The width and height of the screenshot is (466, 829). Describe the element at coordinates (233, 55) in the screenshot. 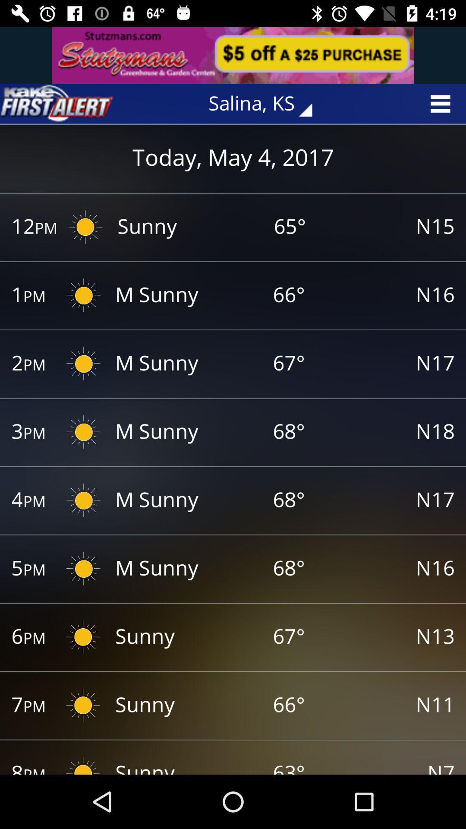

I see `advatisment pega` at that location.